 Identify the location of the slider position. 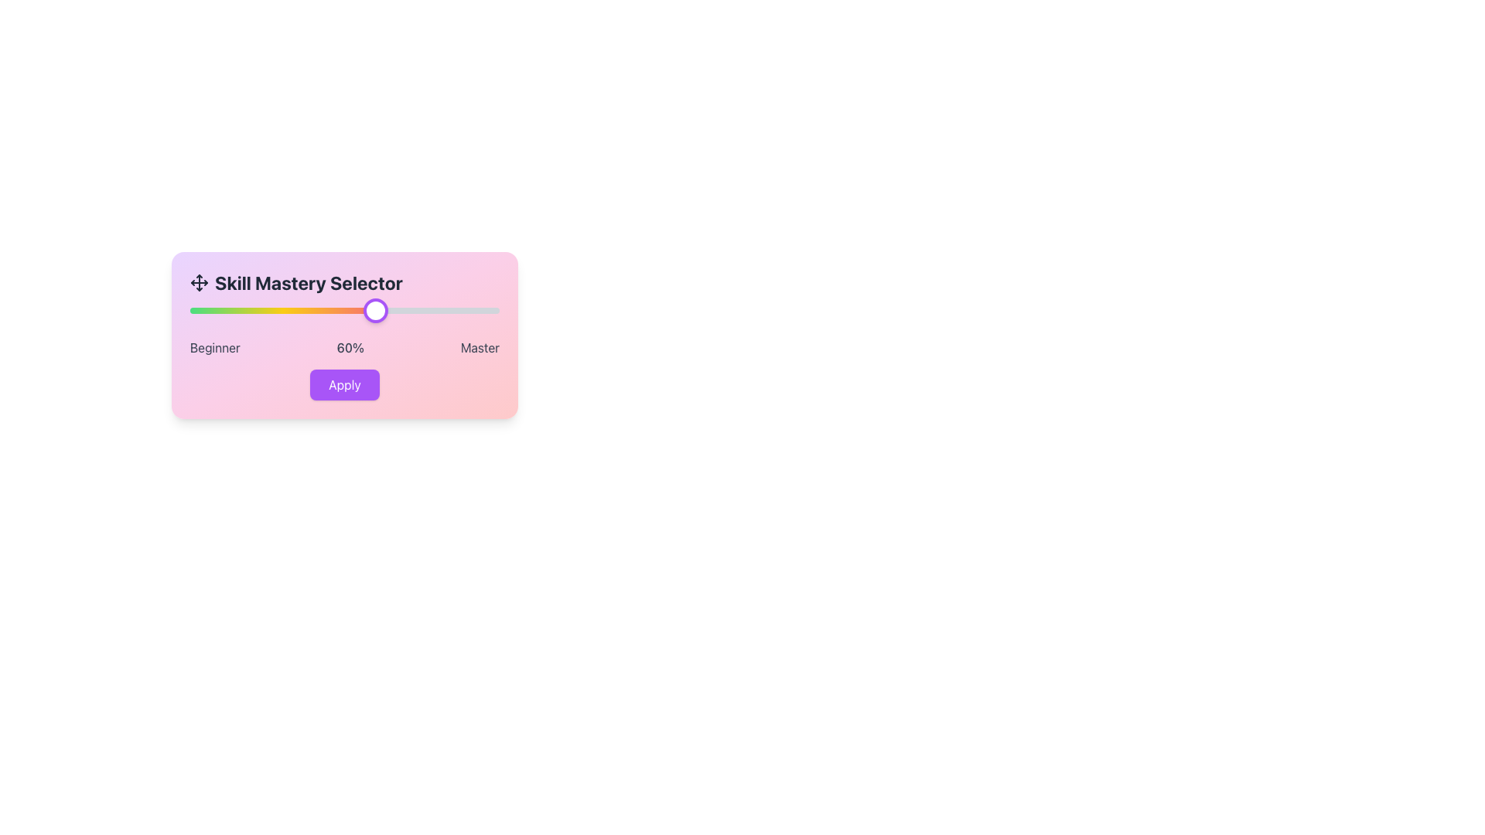
(488, 310).